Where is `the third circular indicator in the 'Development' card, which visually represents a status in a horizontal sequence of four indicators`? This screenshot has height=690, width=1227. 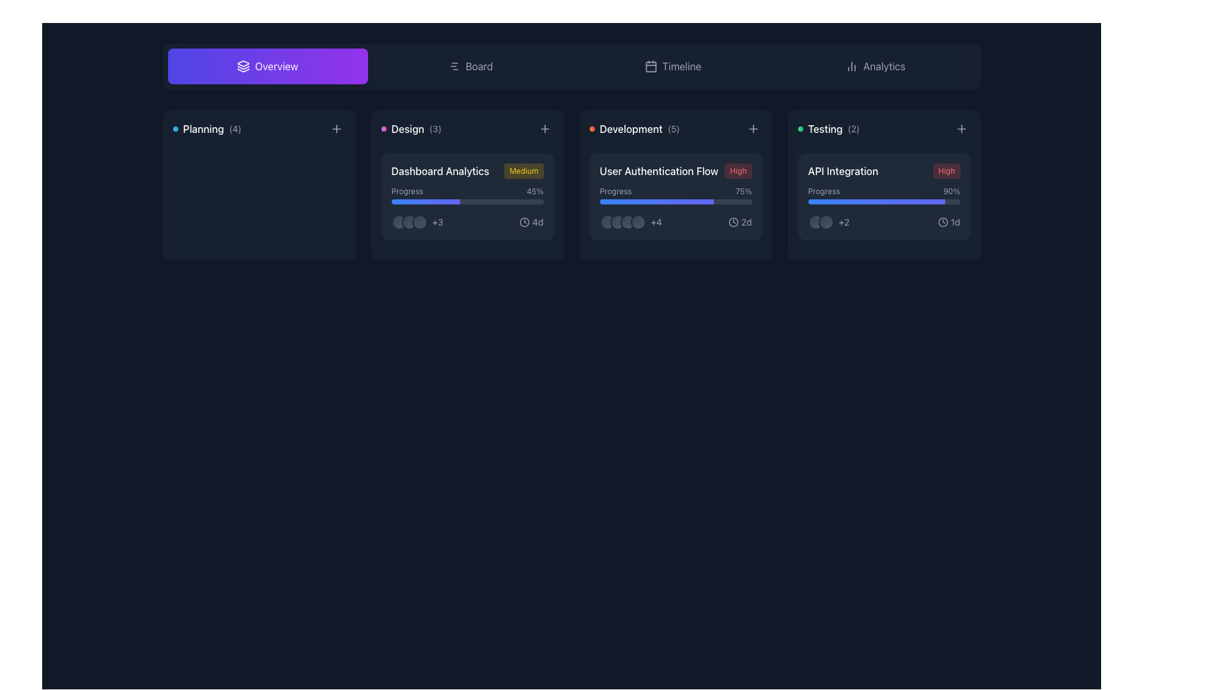
the third circular indicator in the 'Development' card, which visually represents a status in a horizontal sequence of four indicators is located at coordinates (628, 221).